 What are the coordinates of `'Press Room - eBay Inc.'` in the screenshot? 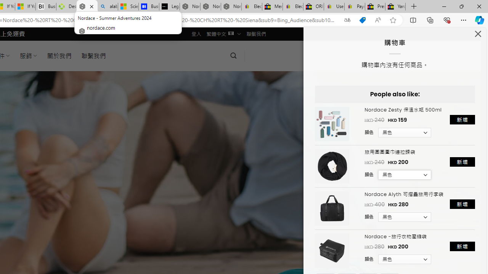 It's located at (375, 6).